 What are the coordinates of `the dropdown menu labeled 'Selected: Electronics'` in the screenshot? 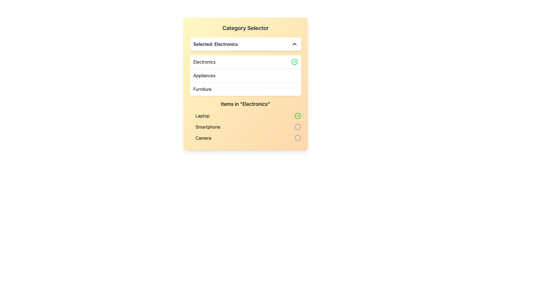 It's located at (245, 90).